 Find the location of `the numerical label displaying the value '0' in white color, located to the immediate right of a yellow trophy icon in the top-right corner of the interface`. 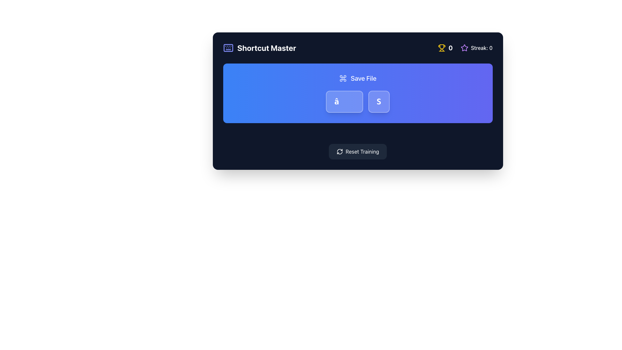

the numerical label displaying the value '0' in white color, located to the immediate right of a yellow trophy icon in the top-right corner of the interface is located at coordinates (445, 47).